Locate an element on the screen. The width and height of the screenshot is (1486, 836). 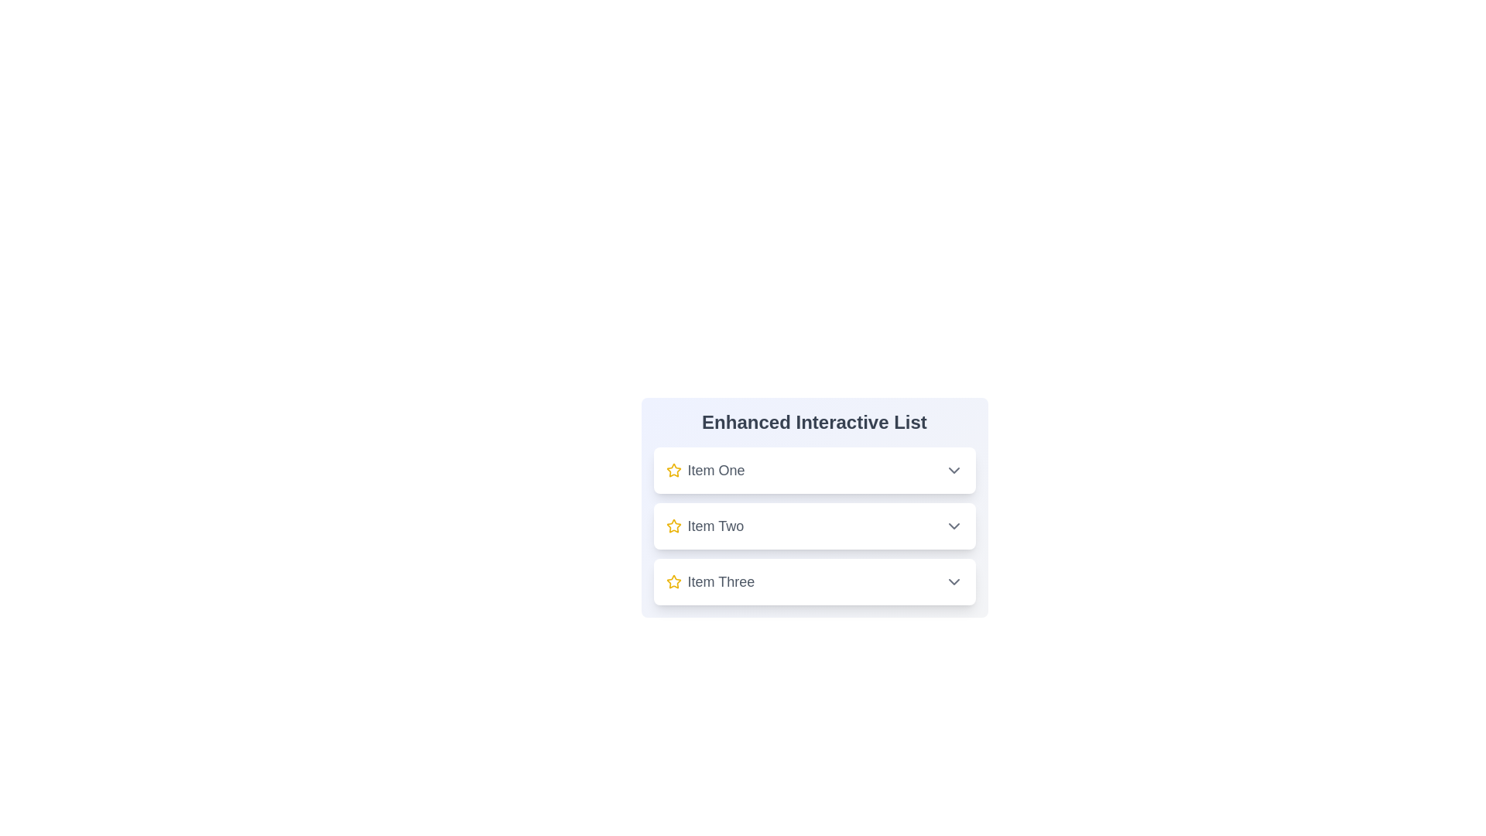
star icon next to Item Two to perform the action is located at coordinates (673, 525).